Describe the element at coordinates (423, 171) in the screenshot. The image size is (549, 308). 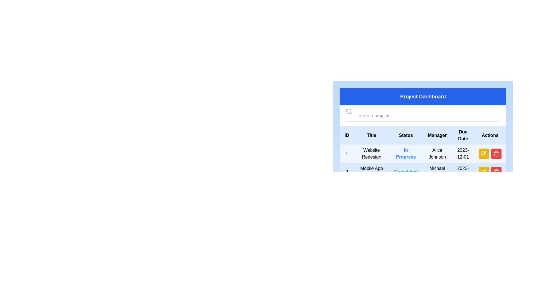
I see `displayed information in the second row of the project table, which includes the project's title, status, manager, and due date` at that location.